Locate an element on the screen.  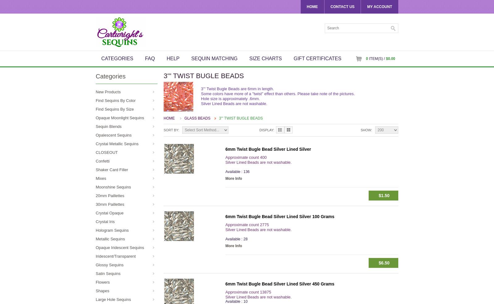
'Shapes' is located at coordinates (96, 291).